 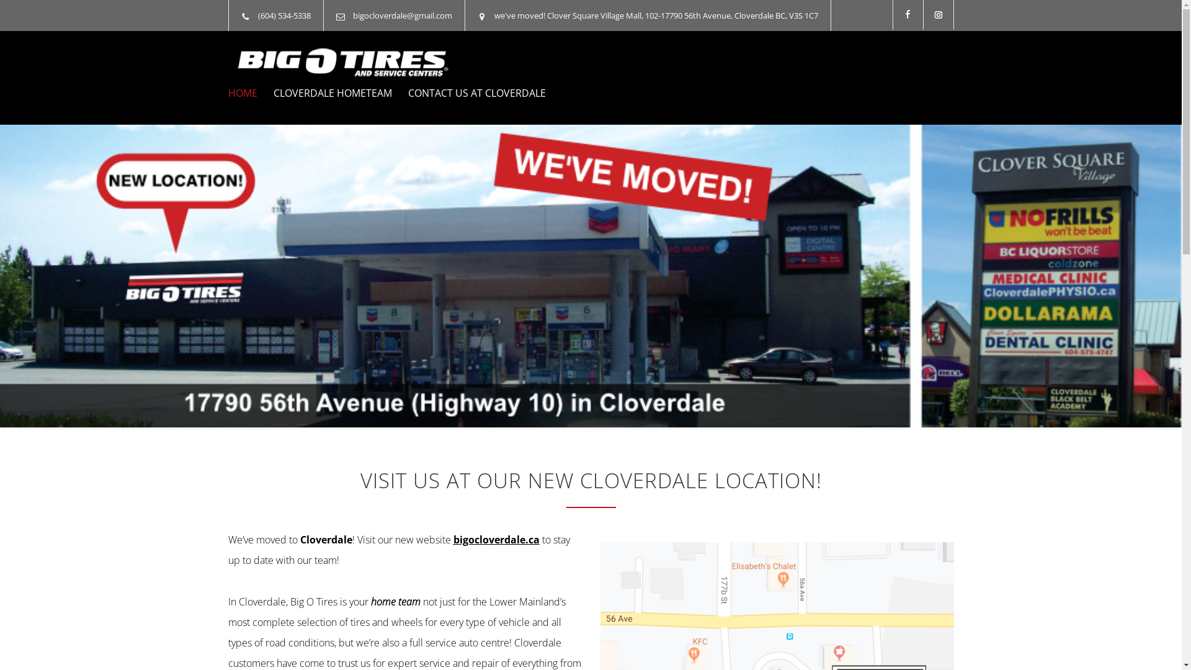 What do you see at coordinates (342, 62) in the screenshot?
I see `'Big O Tires Langley'` at bounding box center [342, 62].